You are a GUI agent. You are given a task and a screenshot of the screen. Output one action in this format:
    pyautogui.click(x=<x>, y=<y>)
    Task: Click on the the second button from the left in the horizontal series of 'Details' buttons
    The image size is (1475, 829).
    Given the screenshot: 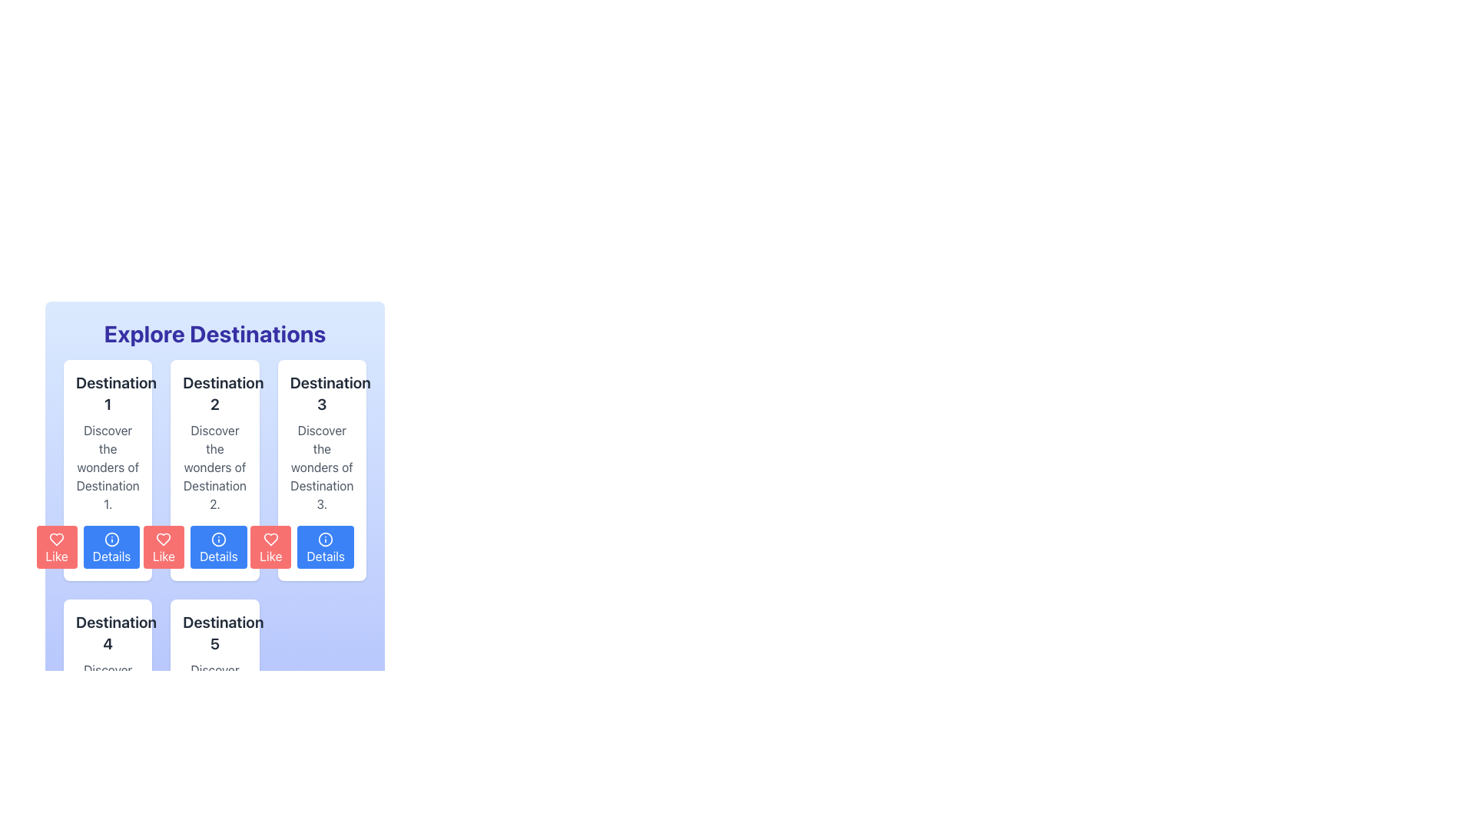 What is the action you would take?
    pyautogui.click(x=111, y=547)
    